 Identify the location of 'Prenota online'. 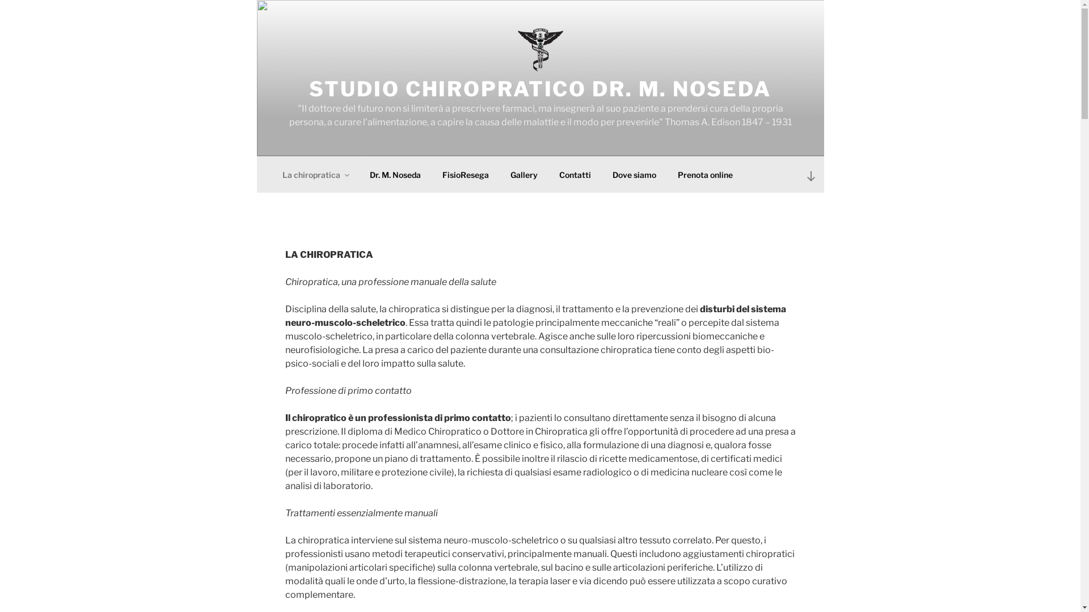
(668, 174).